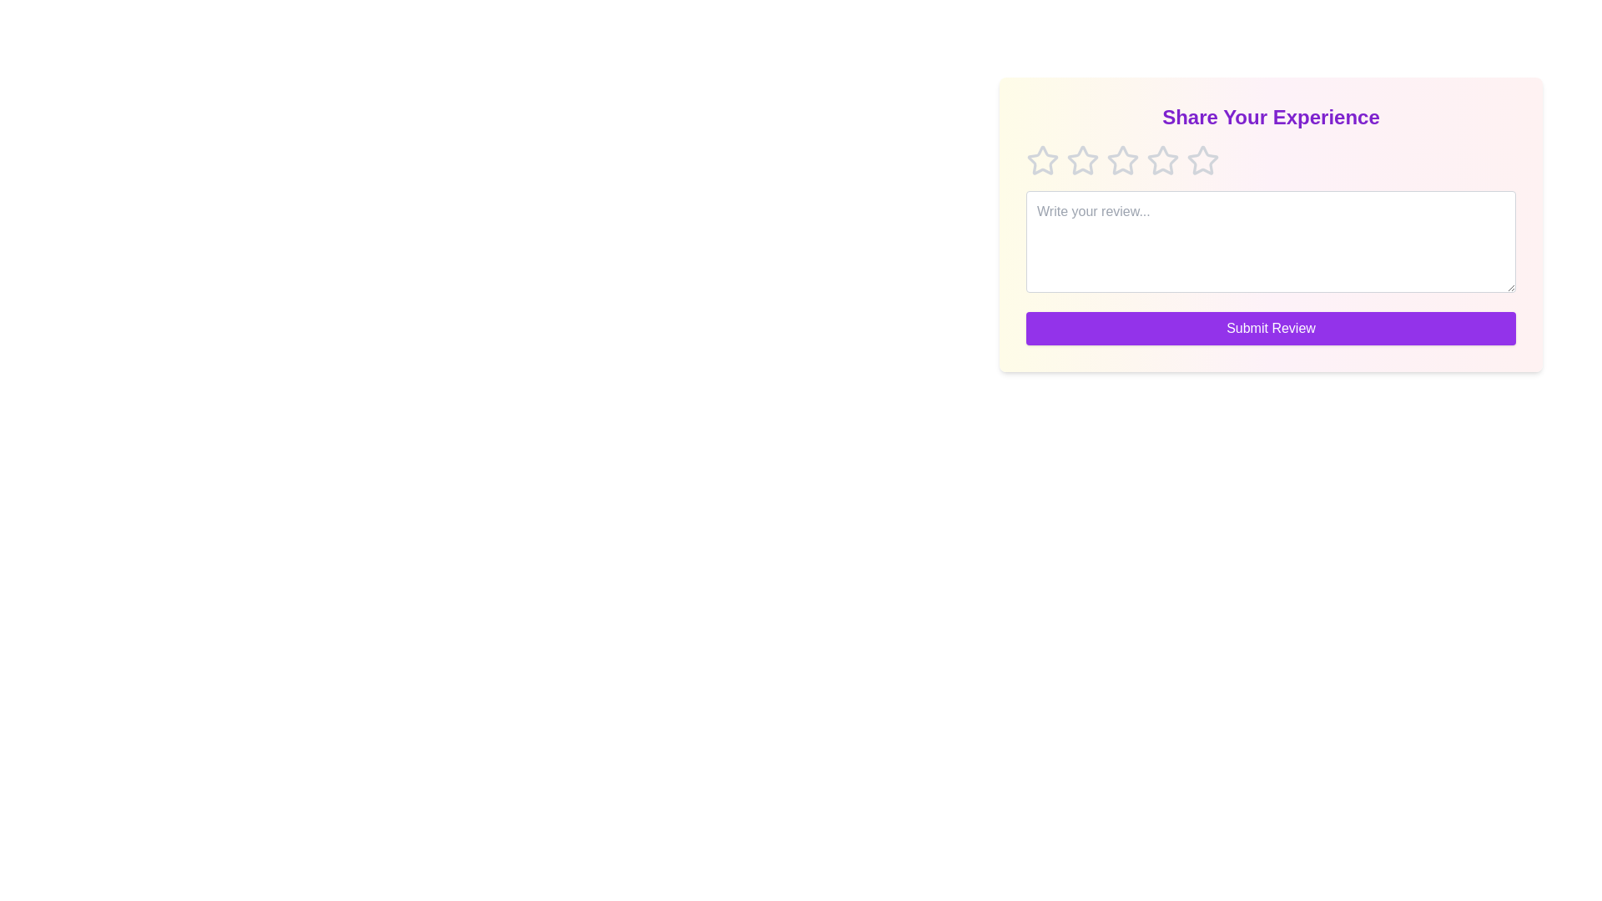 The image size is (1602, 901). I want to click on the star corresponding to 1 to preview the rating, so click(1041, 160).